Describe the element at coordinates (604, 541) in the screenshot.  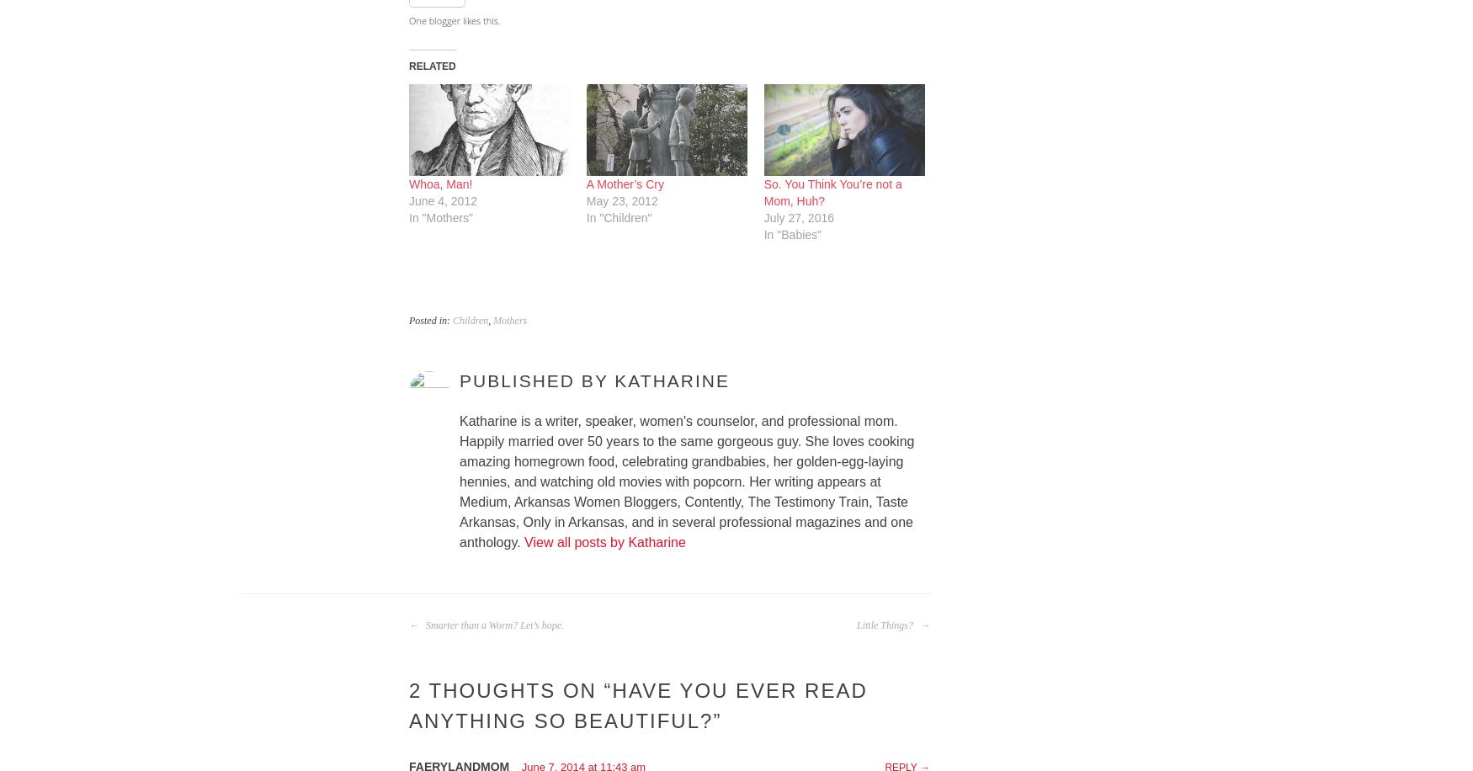
I see `'View all posts by Katharine'` at that location.